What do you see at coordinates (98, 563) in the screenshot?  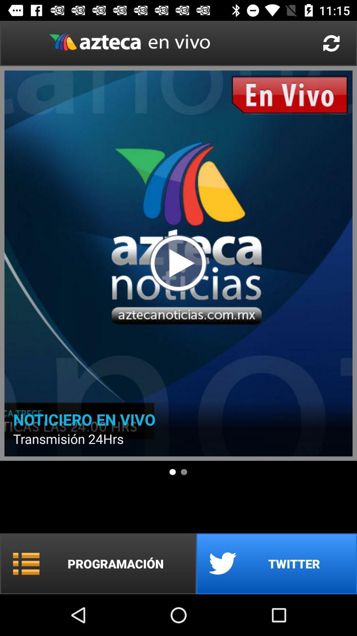 I see `item below . icon` at bounding box center [98, 563].